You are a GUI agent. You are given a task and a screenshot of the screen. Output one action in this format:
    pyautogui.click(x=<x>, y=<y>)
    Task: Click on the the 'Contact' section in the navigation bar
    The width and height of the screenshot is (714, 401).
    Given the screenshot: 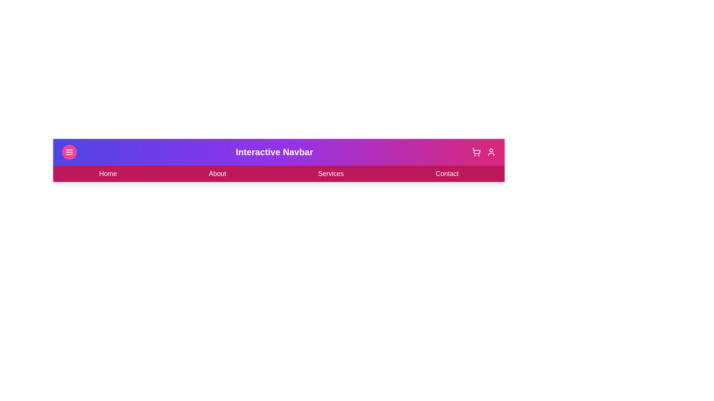 What is the action you would take?
    pyautogui.click(x=446, y=173)
    